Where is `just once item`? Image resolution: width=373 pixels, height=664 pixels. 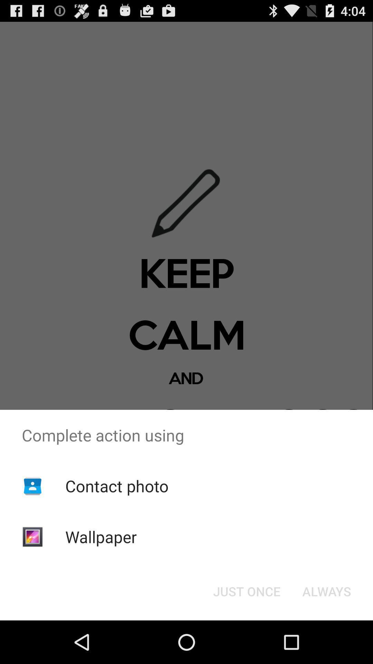 just once item is located at coordinates (246, 591).